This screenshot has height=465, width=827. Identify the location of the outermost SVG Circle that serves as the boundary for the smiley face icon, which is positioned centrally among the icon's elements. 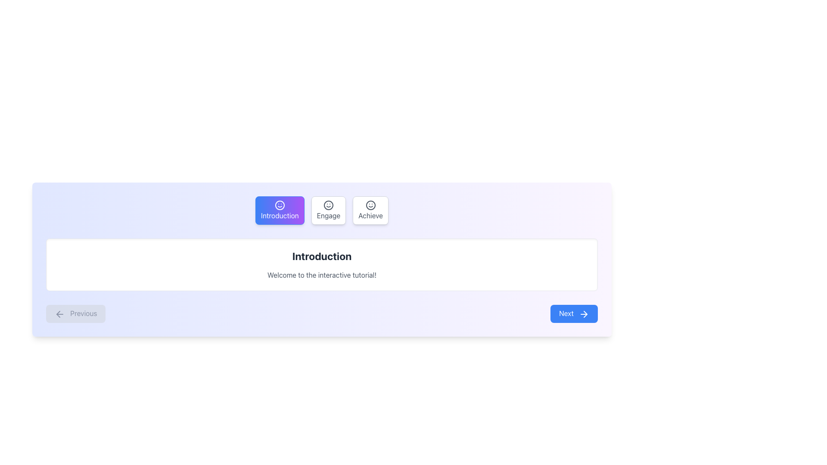
(280, 205).